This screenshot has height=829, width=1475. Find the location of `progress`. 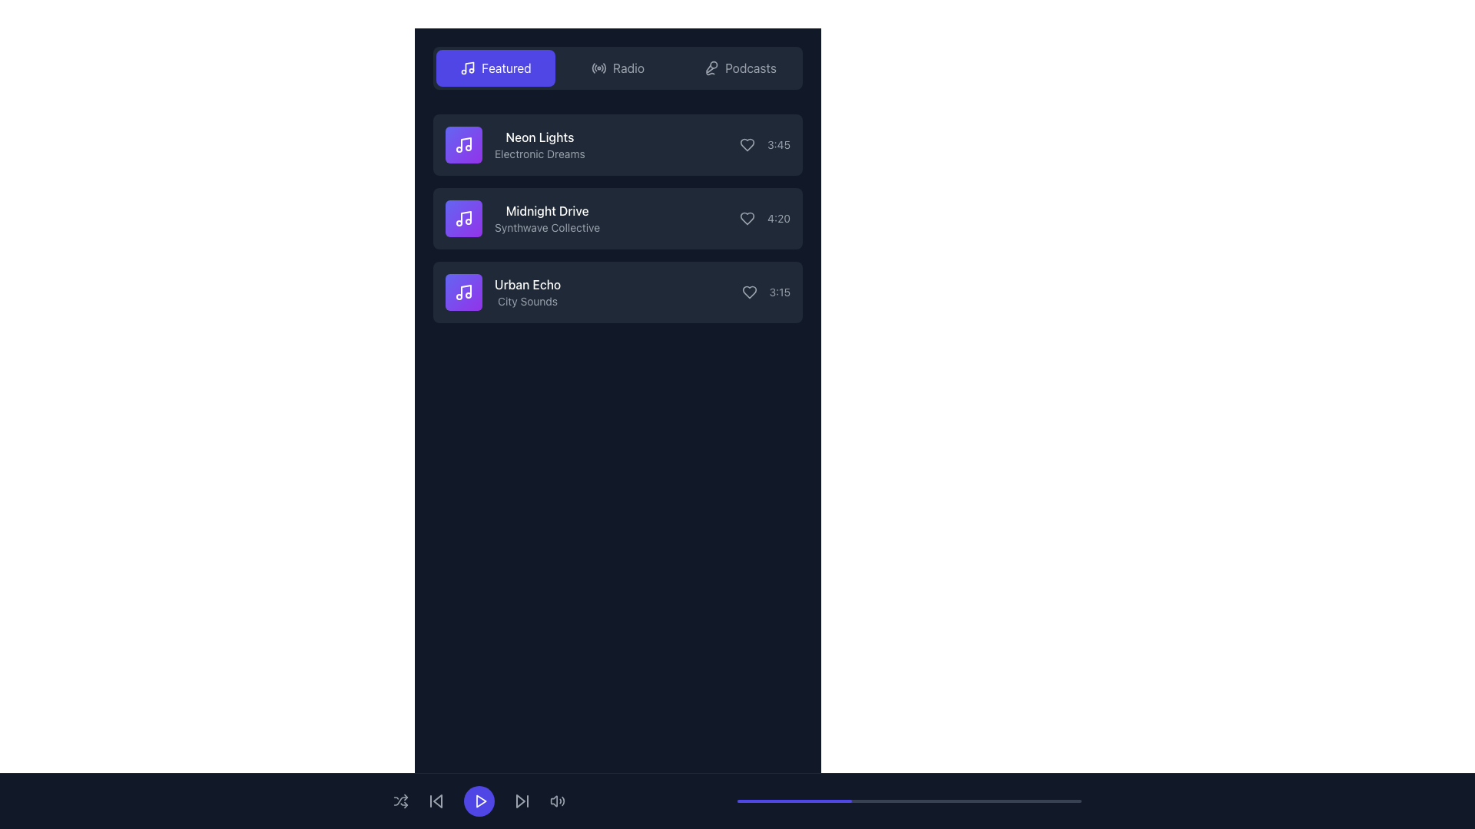

progress is located at coordinates (960, 801).